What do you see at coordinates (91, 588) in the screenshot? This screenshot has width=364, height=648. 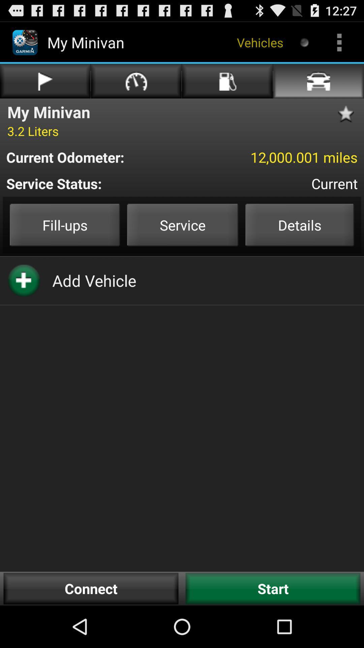 I see `the button on the bottom left corner of the web page` at bounding box center [91, 588].